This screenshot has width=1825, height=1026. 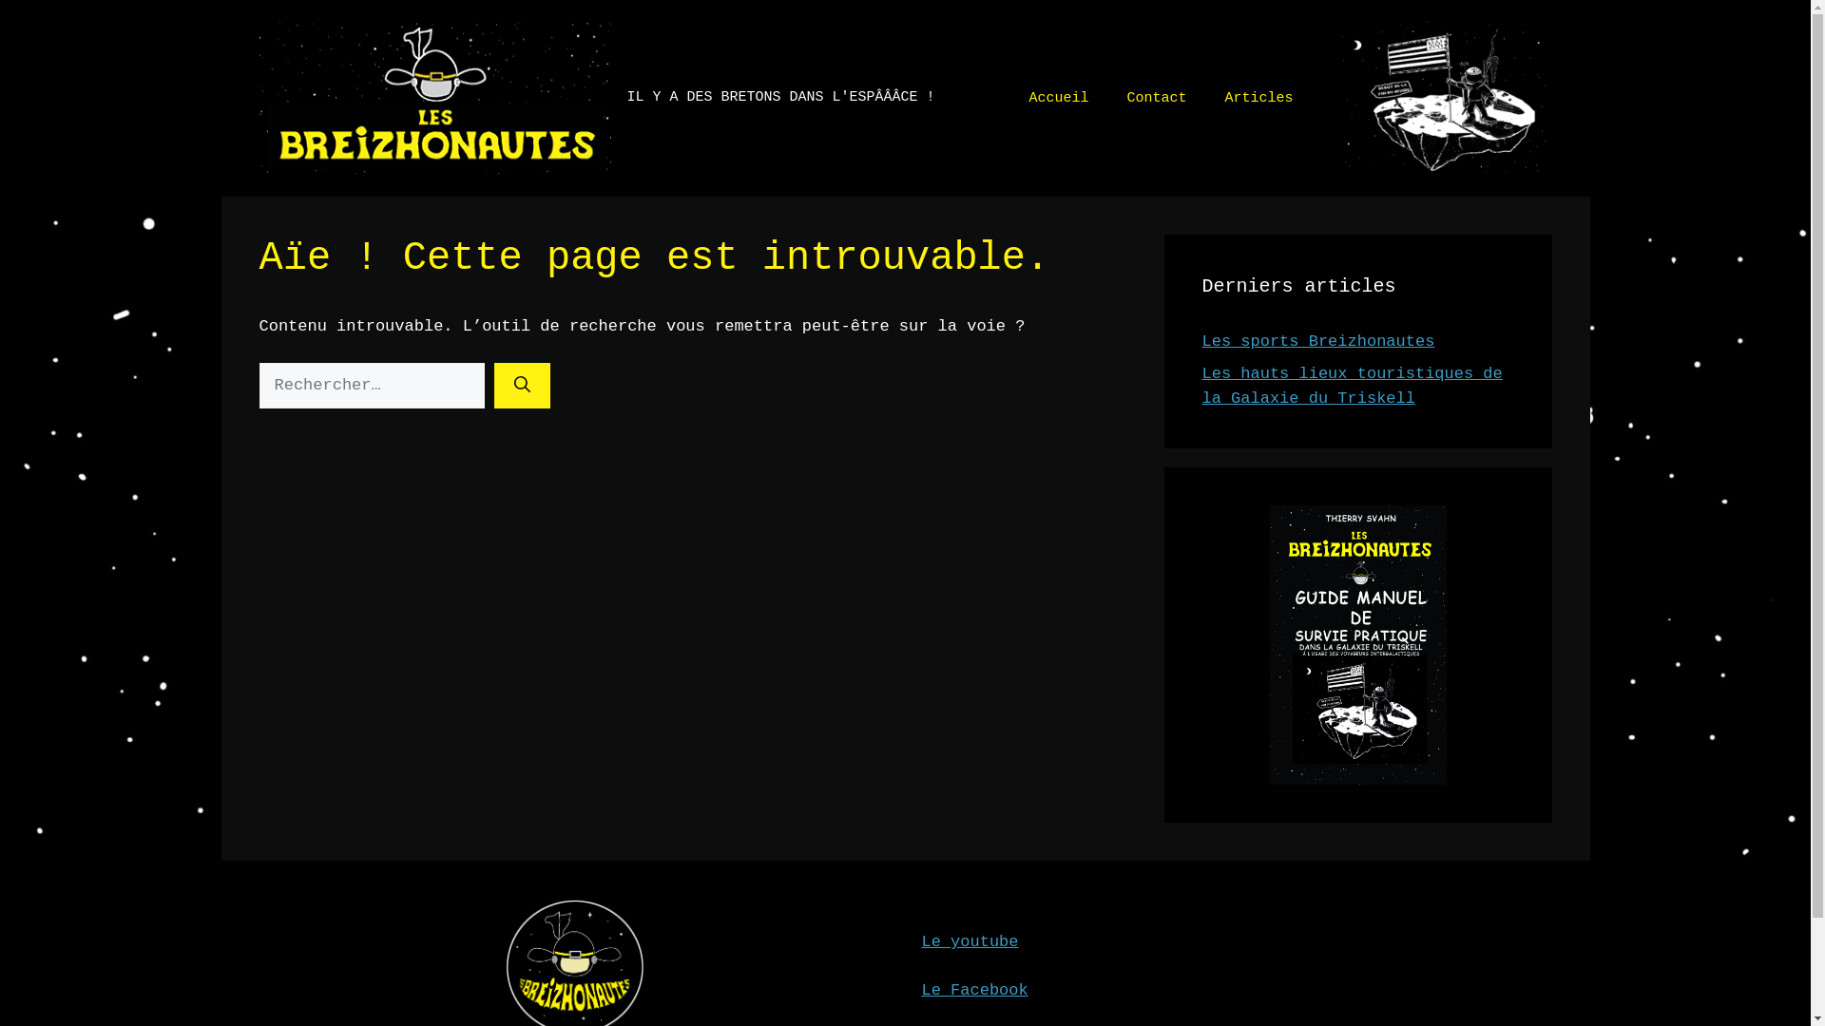 I want to click on 'Le youtube', so click(x=970, y=941).